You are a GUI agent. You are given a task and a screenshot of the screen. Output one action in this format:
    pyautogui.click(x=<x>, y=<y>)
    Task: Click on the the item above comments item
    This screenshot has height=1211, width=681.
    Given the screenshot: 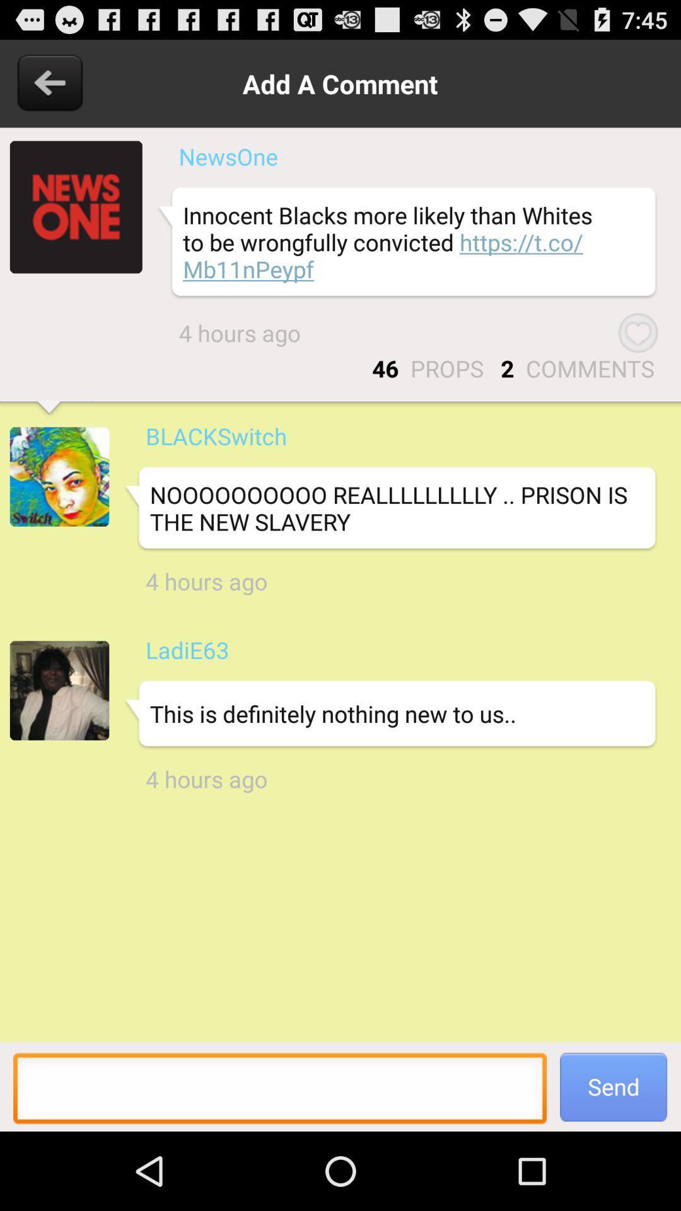 What is the action you would take?
    pyautogui.click(x=637, y=333)
    